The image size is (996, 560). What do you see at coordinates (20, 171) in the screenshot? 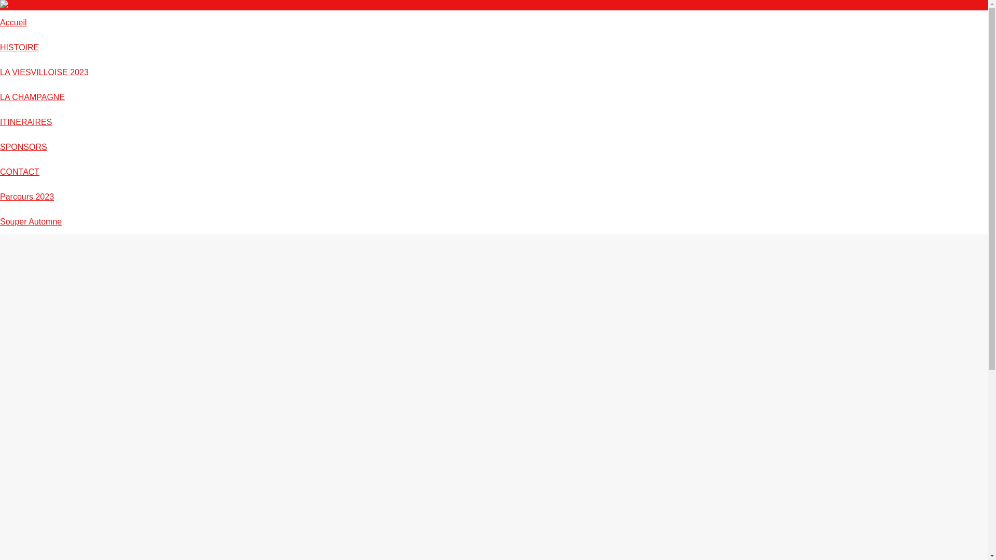
I see `'CONTACT'` at bounding box center [20, 171].